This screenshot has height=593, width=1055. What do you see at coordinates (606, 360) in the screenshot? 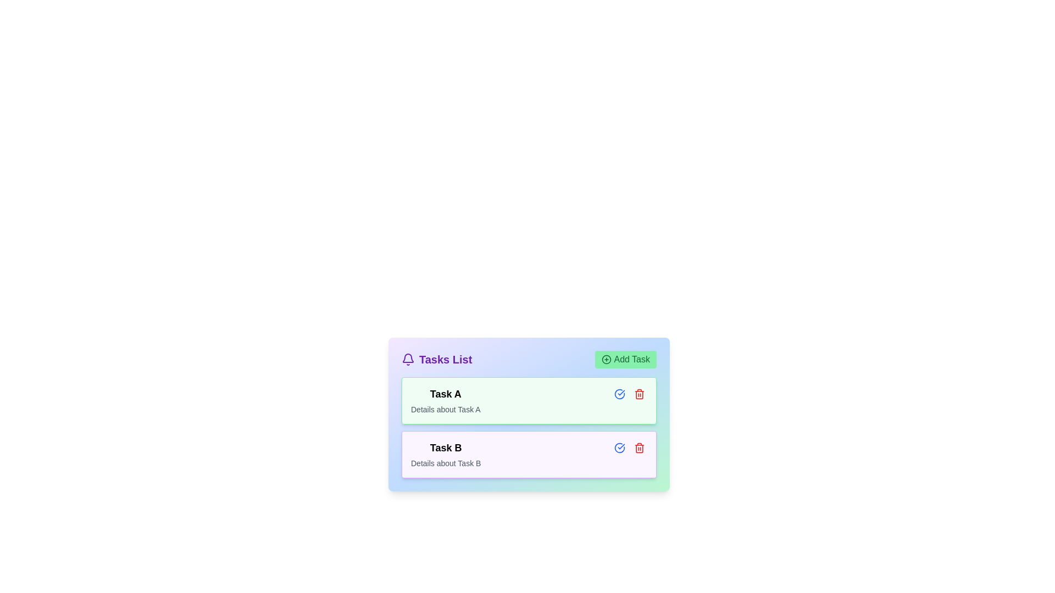
I see `the circular icon graphic representing the outermost circle of the '+' icon in the 'Add Task' button located in the header of the 'Tasks List' section` at bounding box center [606, 360].